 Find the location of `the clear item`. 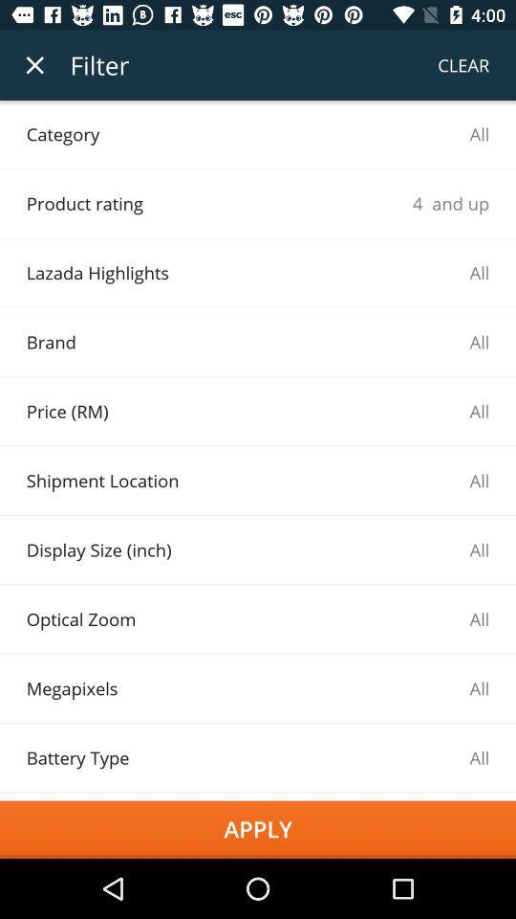

the clear item is located at coordinates (462, 65).